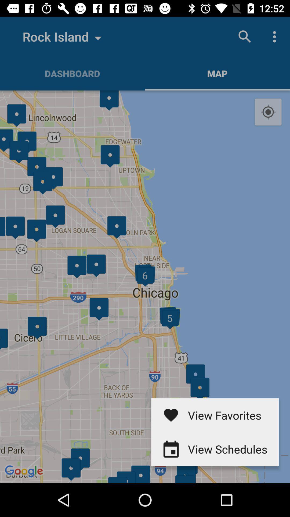 The width and height of the screenshot is (290, 517). Describe the element at coordinates (268, 112) in the screenshot. I see `the location_crosshair icon` at that location.